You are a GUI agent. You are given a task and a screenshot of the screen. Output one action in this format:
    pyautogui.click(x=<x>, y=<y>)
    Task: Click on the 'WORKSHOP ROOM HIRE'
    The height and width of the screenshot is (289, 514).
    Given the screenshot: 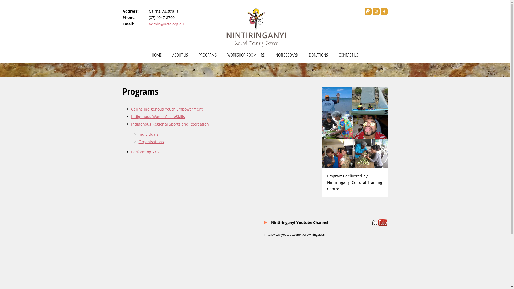 What is the action you would take?
    pyautogui.click(x=245, y=57)
    